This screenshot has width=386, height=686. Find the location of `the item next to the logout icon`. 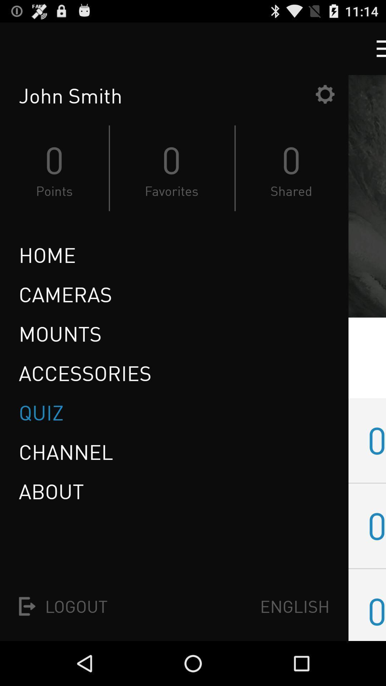

the item next to the logout icon is located at coordinates (295, 606).